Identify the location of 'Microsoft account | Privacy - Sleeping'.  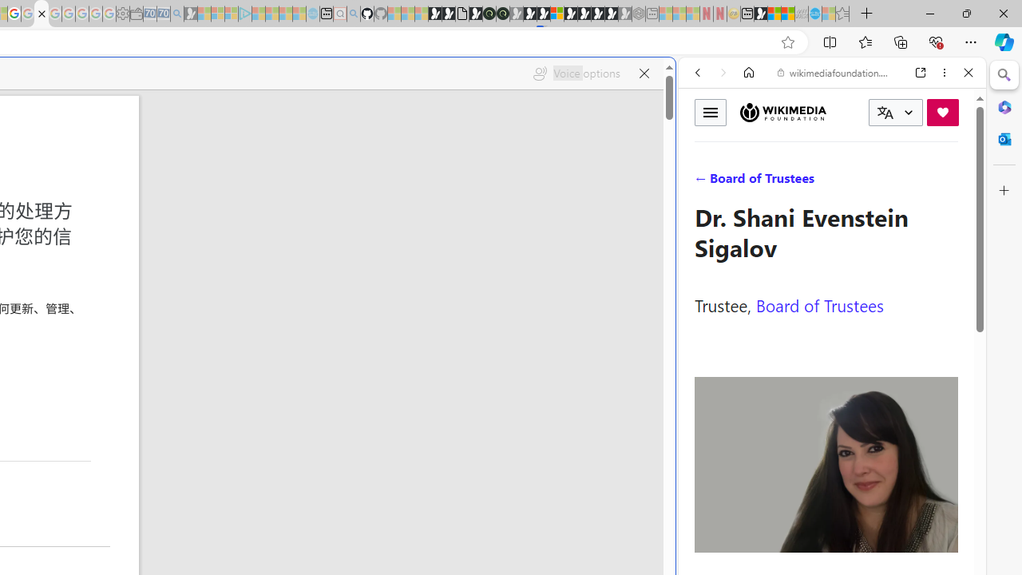
(230, 14).